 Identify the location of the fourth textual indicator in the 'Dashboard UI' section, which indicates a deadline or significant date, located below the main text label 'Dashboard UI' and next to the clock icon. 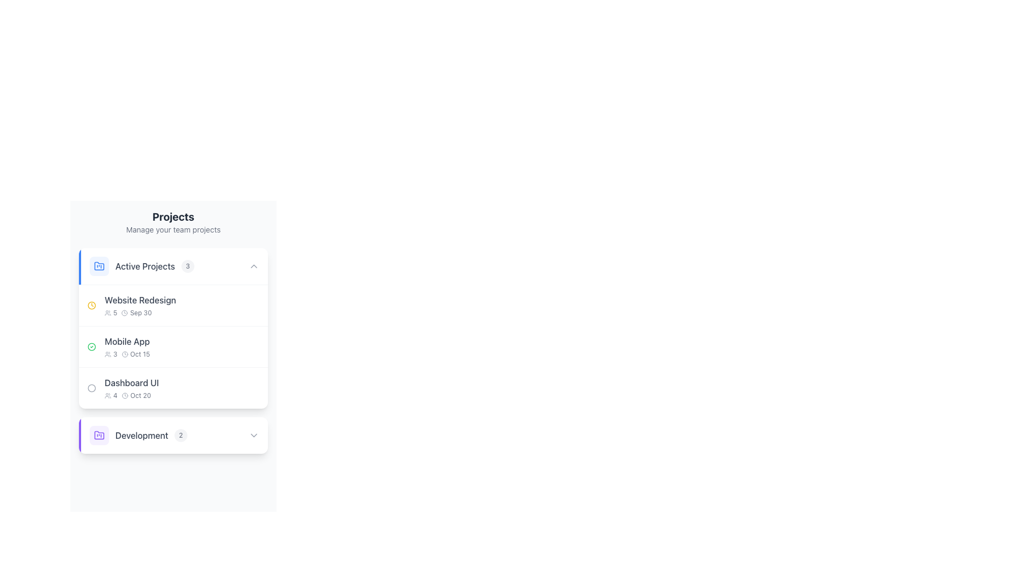
(131, 395).